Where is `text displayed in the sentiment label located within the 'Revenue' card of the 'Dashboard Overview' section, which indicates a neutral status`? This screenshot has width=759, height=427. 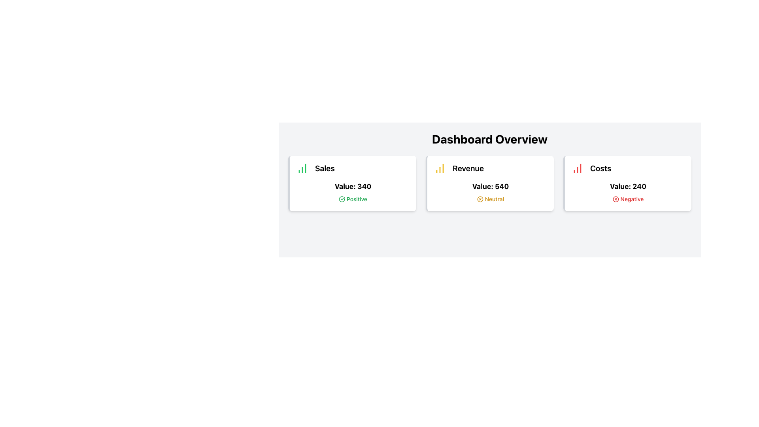
text displayed in the sentiment label located within the 'Revenue' card of the 'Dashboard Overview' section, which indicates a neutral status is located at coordinates (494, 199).